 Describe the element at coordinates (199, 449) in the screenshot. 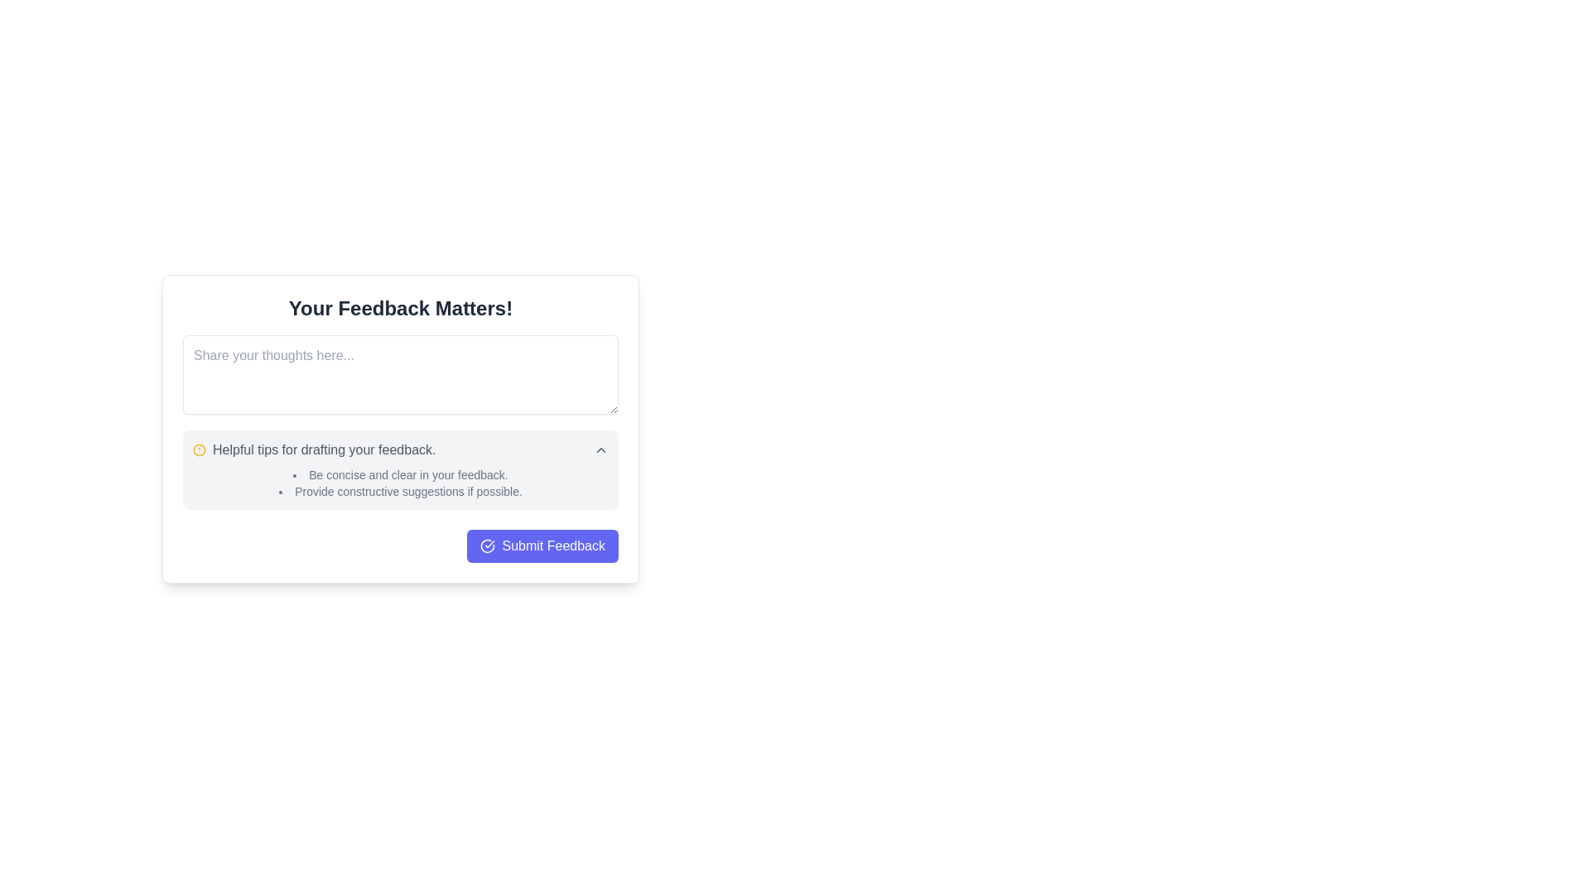

I see `the decorative circle element representing an alert or warning located near the top-left corner of the feedback tips UI component` at that location.